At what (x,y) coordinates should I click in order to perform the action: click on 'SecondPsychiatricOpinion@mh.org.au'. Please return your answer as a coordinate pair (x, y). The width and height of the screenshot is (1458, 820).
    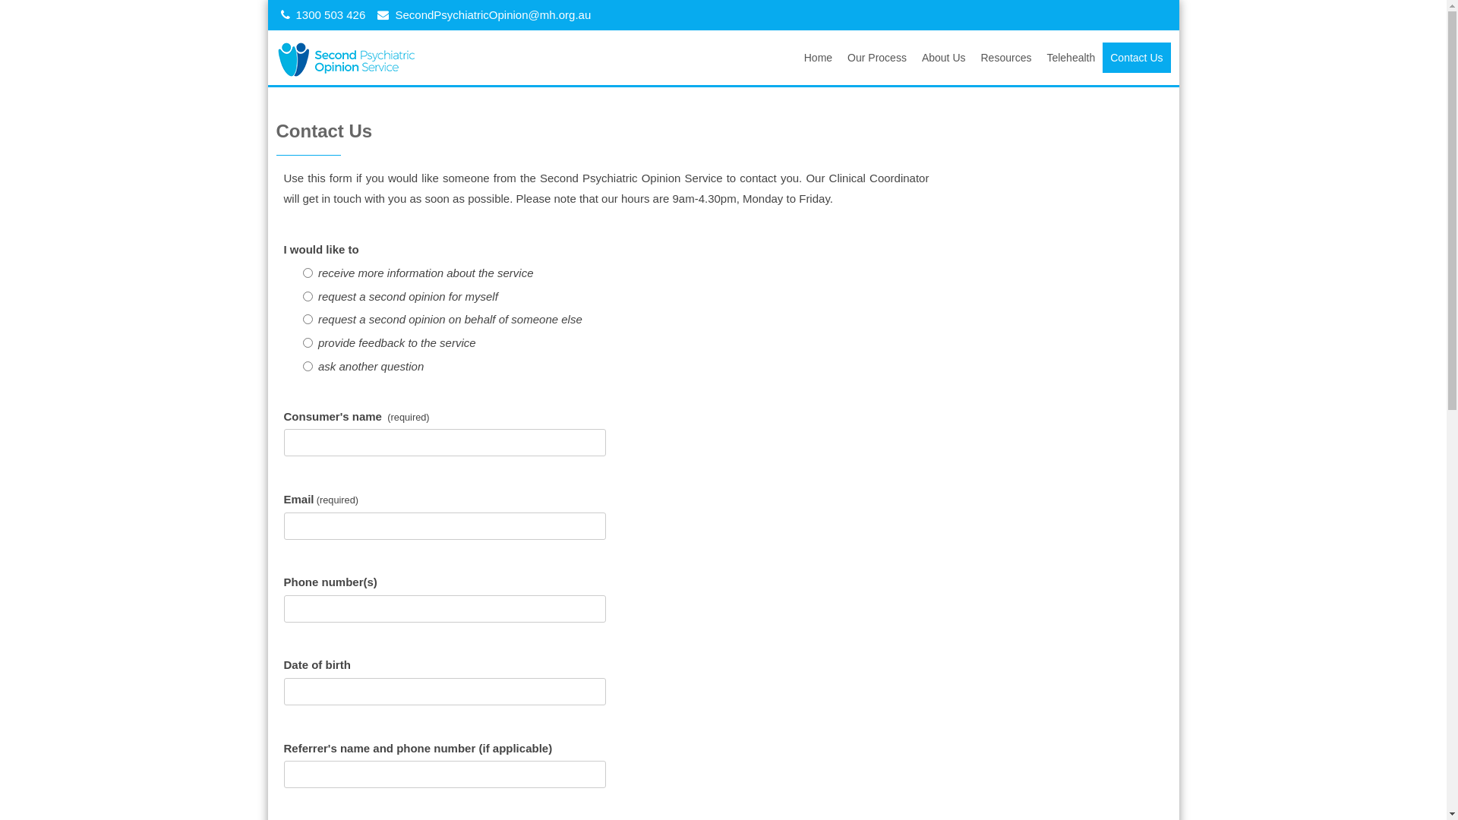
    Looking at the image, I should click on (492, 14).